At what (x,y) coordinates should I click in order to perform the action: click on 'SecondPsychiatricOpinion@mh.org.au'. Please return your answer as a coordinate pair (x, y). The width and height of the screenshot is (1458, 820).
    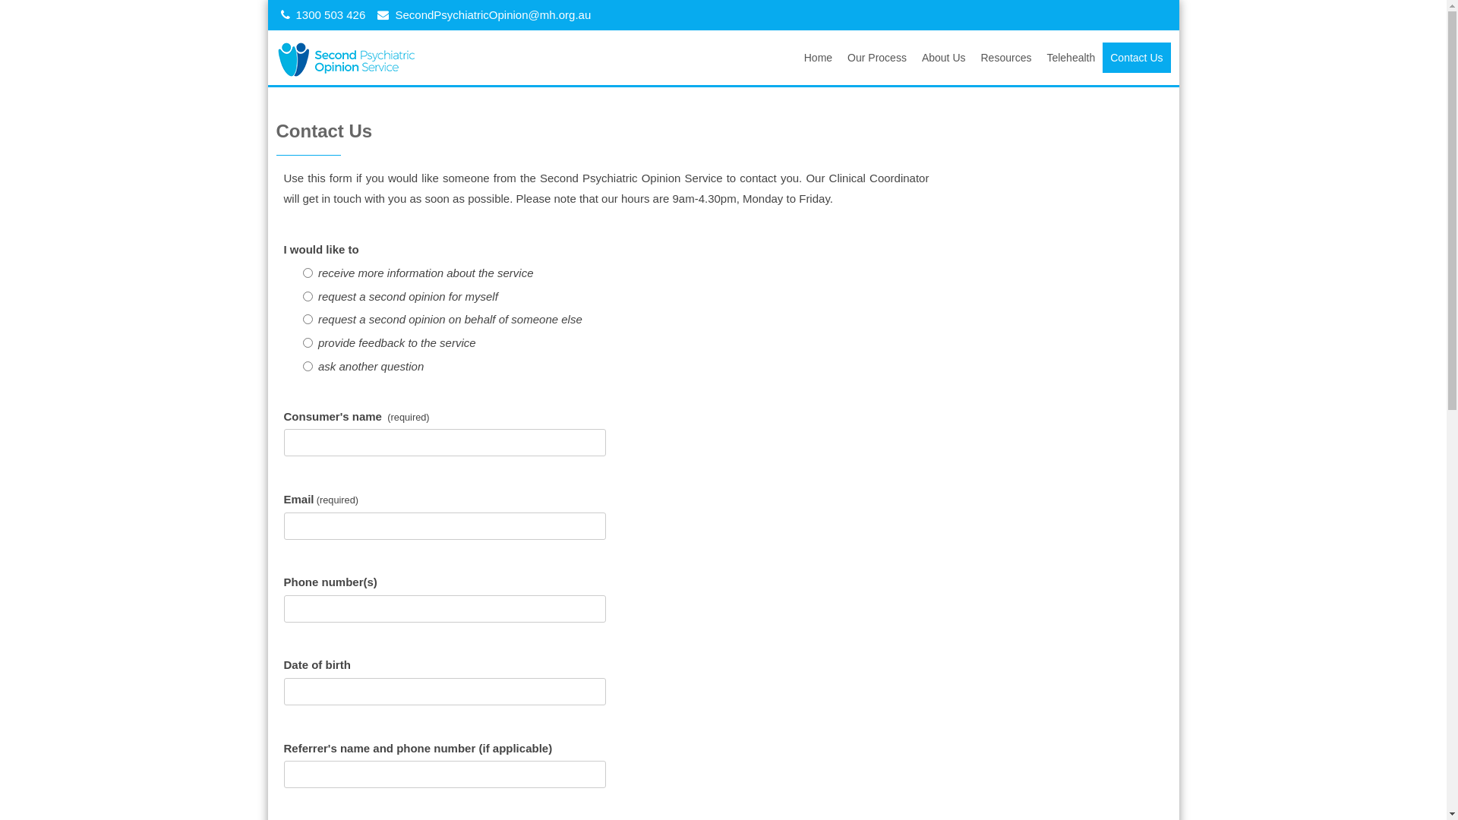
    Looking at the image, I should click on (492, 14).